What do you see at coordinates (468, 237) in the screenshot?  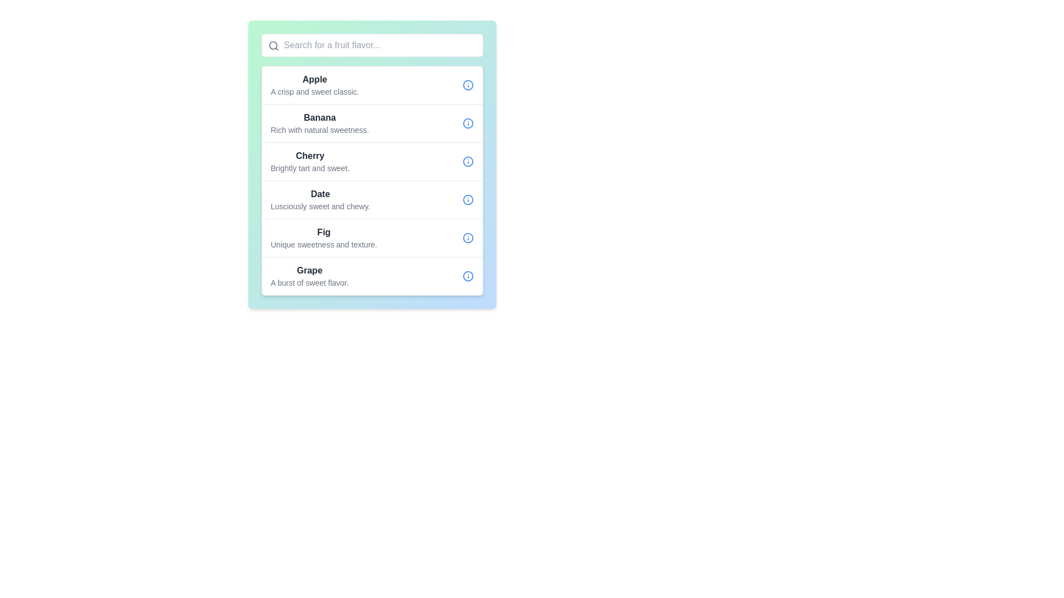 I see `the blue circular icon with a prominent outline and a smaller dot inside, located in the rightmost position of the row labeled 'Fig Unique sweetness and texture.'` at bounding box center [468, 237].